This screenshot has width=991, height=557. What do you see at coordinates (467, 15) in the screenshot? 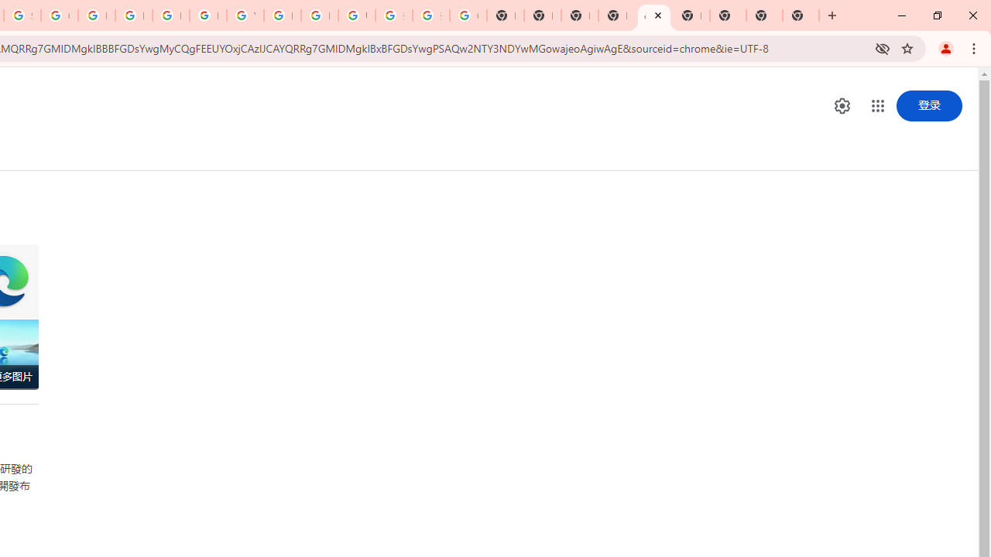
I see `'Google Images'` at bounding box center [467, 15].